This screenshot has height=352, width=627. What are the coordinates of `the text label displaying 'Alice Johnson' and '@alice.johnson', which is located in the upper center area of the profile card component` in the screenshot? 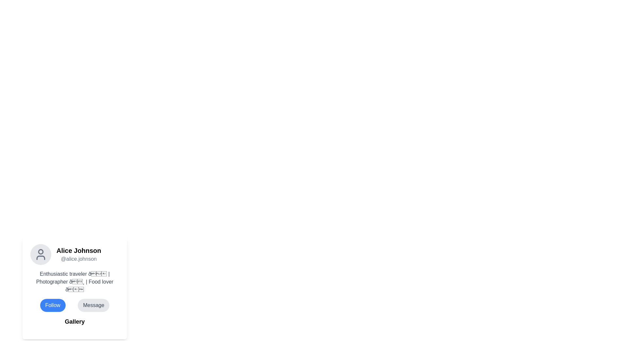 It's located at (78, 254).